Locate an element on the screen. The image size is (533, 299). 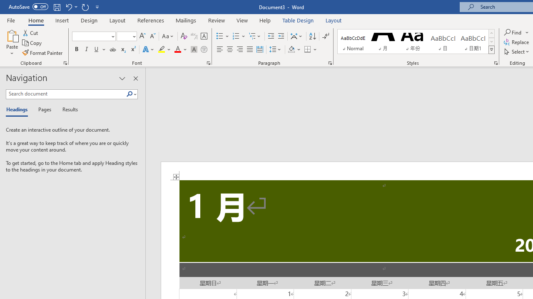
'Borders' is located at coordinates (310, 49).